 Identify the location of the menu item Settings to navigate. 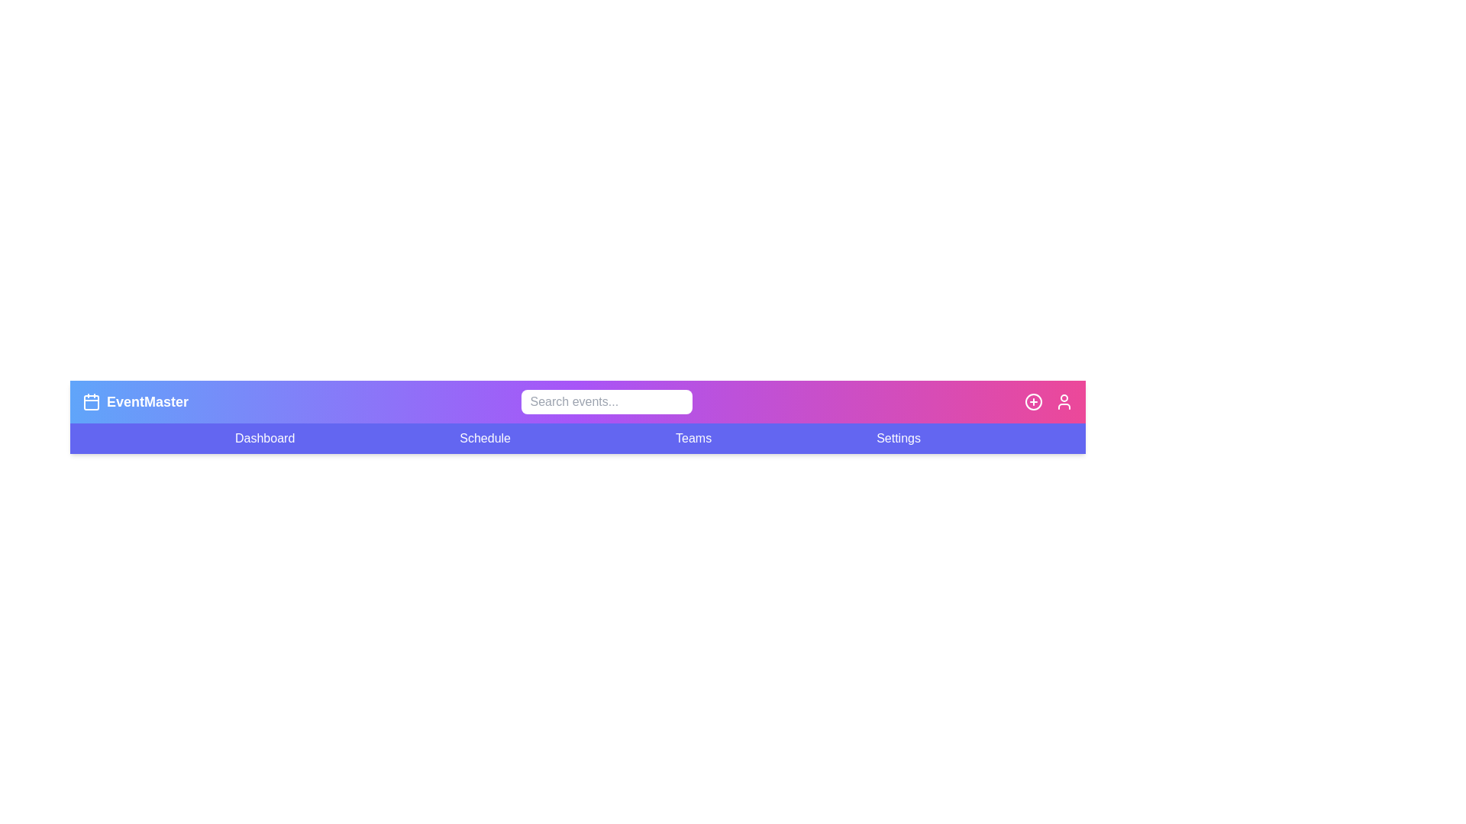
(898, 438).